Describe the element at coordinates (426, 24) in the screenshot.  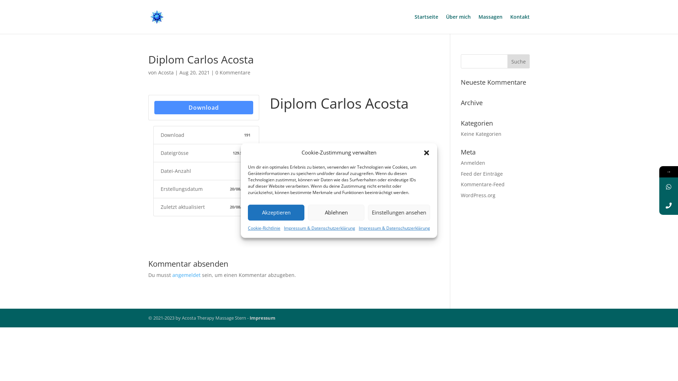
I see `'Startseite'` at that location.